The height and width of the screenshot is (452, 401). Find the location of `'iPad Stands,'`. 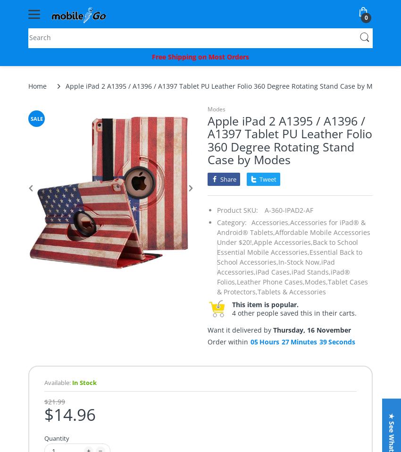

'iPad Stands,' is located at coordinates (311, 271).